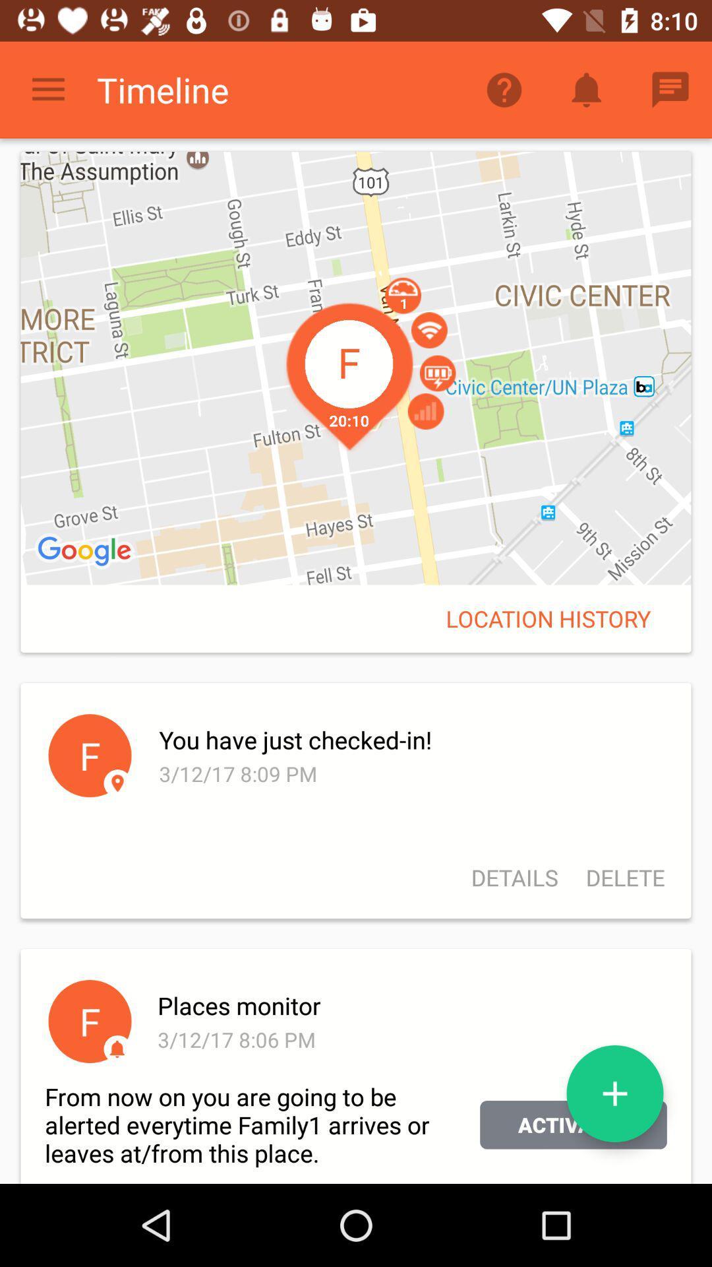 This screenshot has height=1267, width=712. What do you see at coordinates (514, 878) in the screenshot?
I see `item to the left of the delete` at bounding box center [514, 878].